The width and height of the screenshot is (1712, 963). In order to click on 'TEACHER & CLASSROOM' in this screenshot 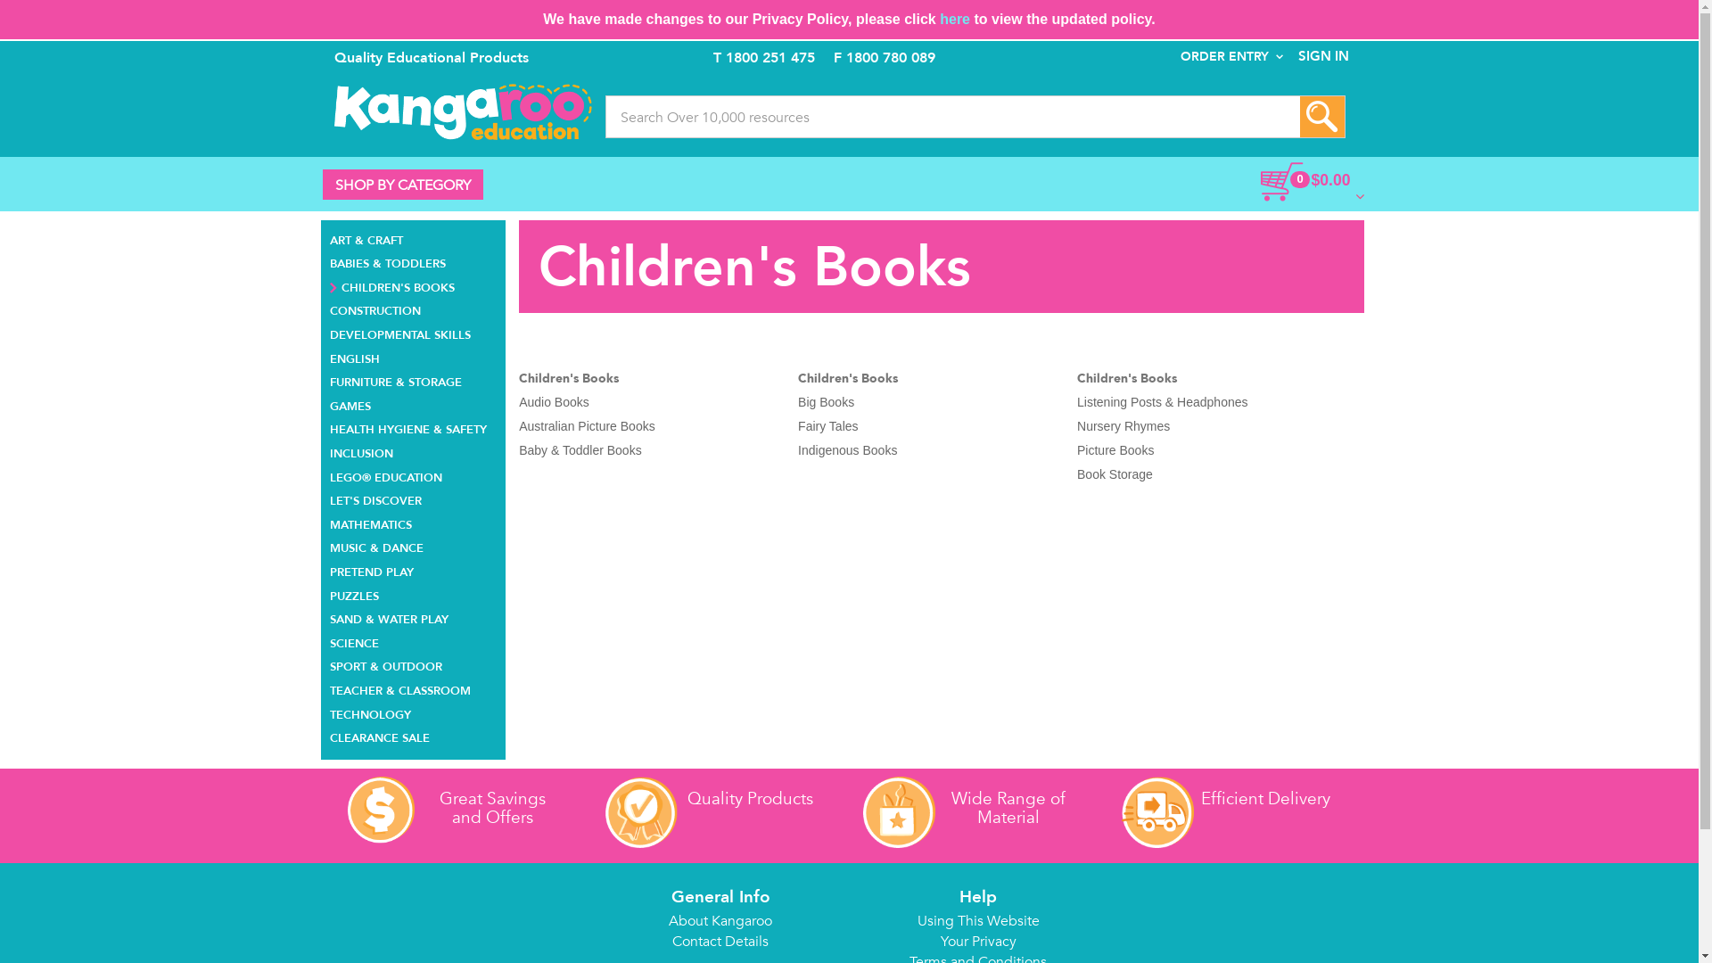, I will do `click(399, 687)`.